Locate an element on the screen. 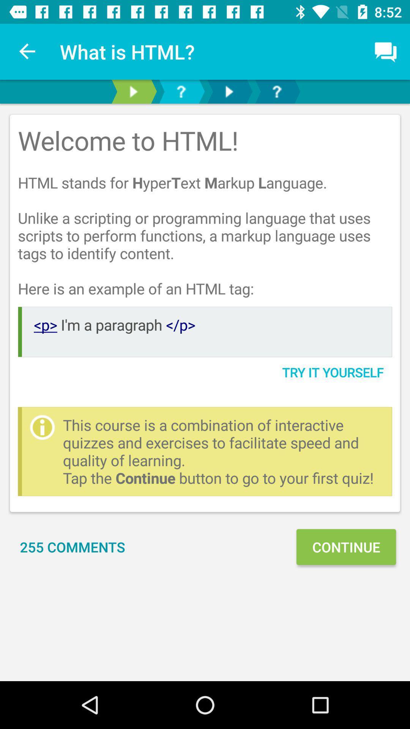  two questions ahead is located at coordinates (277, 91).